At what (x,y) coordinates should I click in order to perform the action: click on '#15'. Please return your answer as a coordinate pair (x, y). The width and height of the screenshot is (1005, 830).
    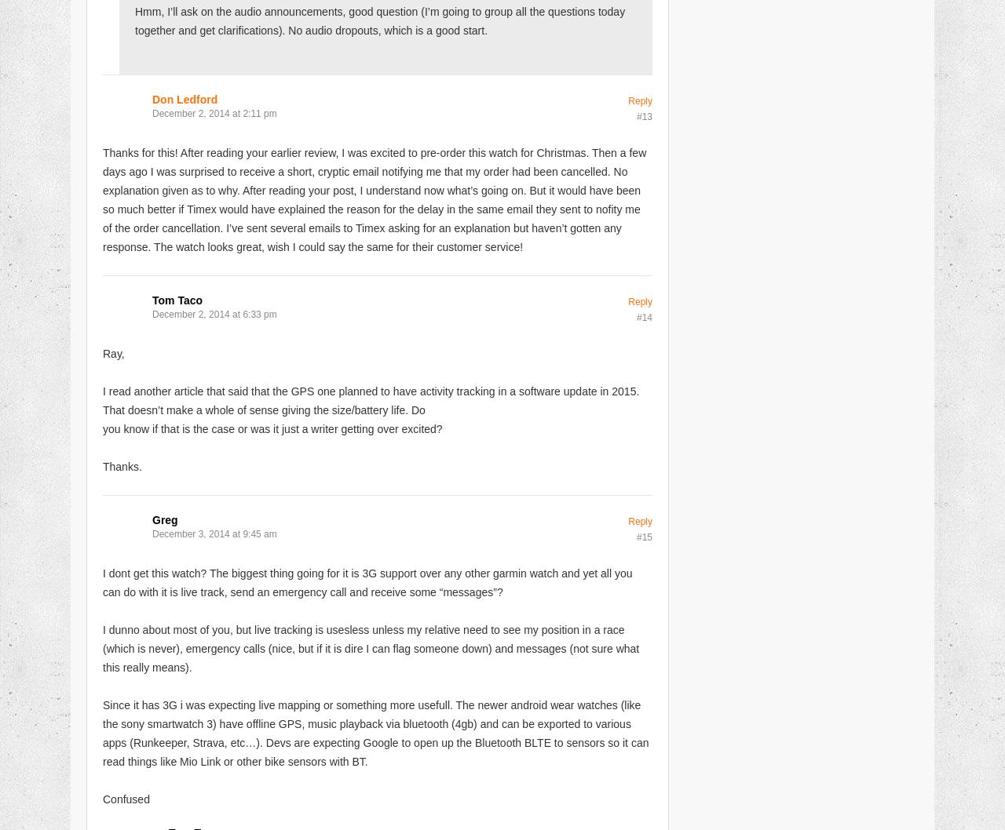
    Looking at the image, I should click on (644, 535).